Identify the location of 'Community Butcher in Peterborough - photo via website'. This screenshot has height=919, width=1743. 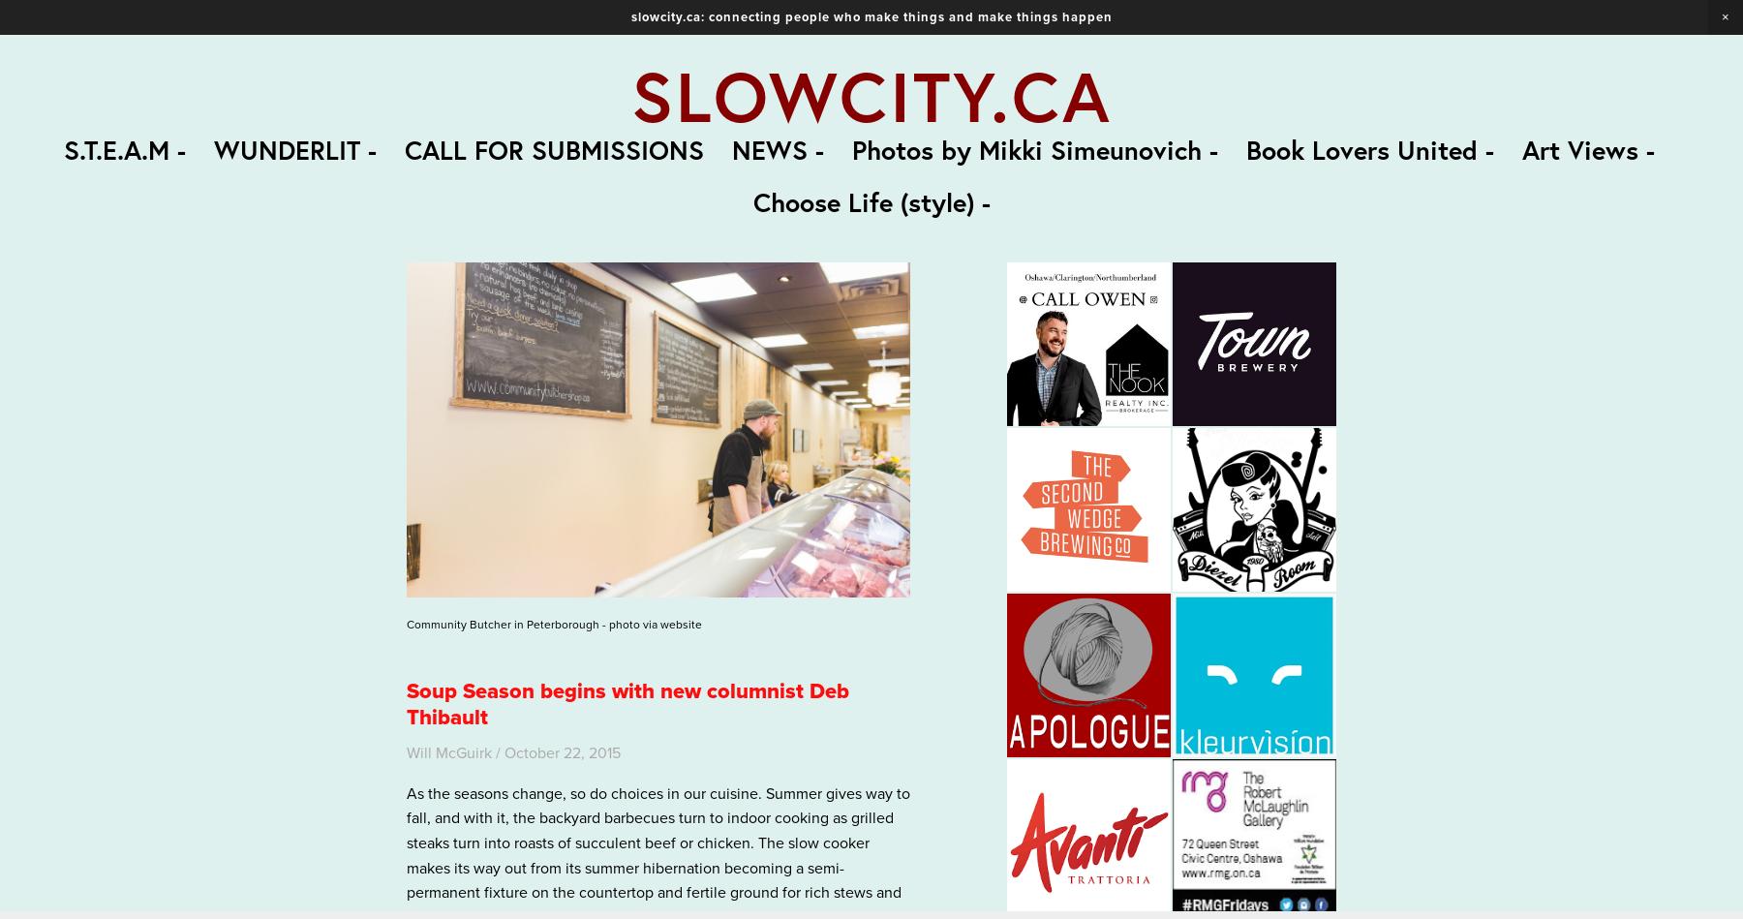
(554, 625).